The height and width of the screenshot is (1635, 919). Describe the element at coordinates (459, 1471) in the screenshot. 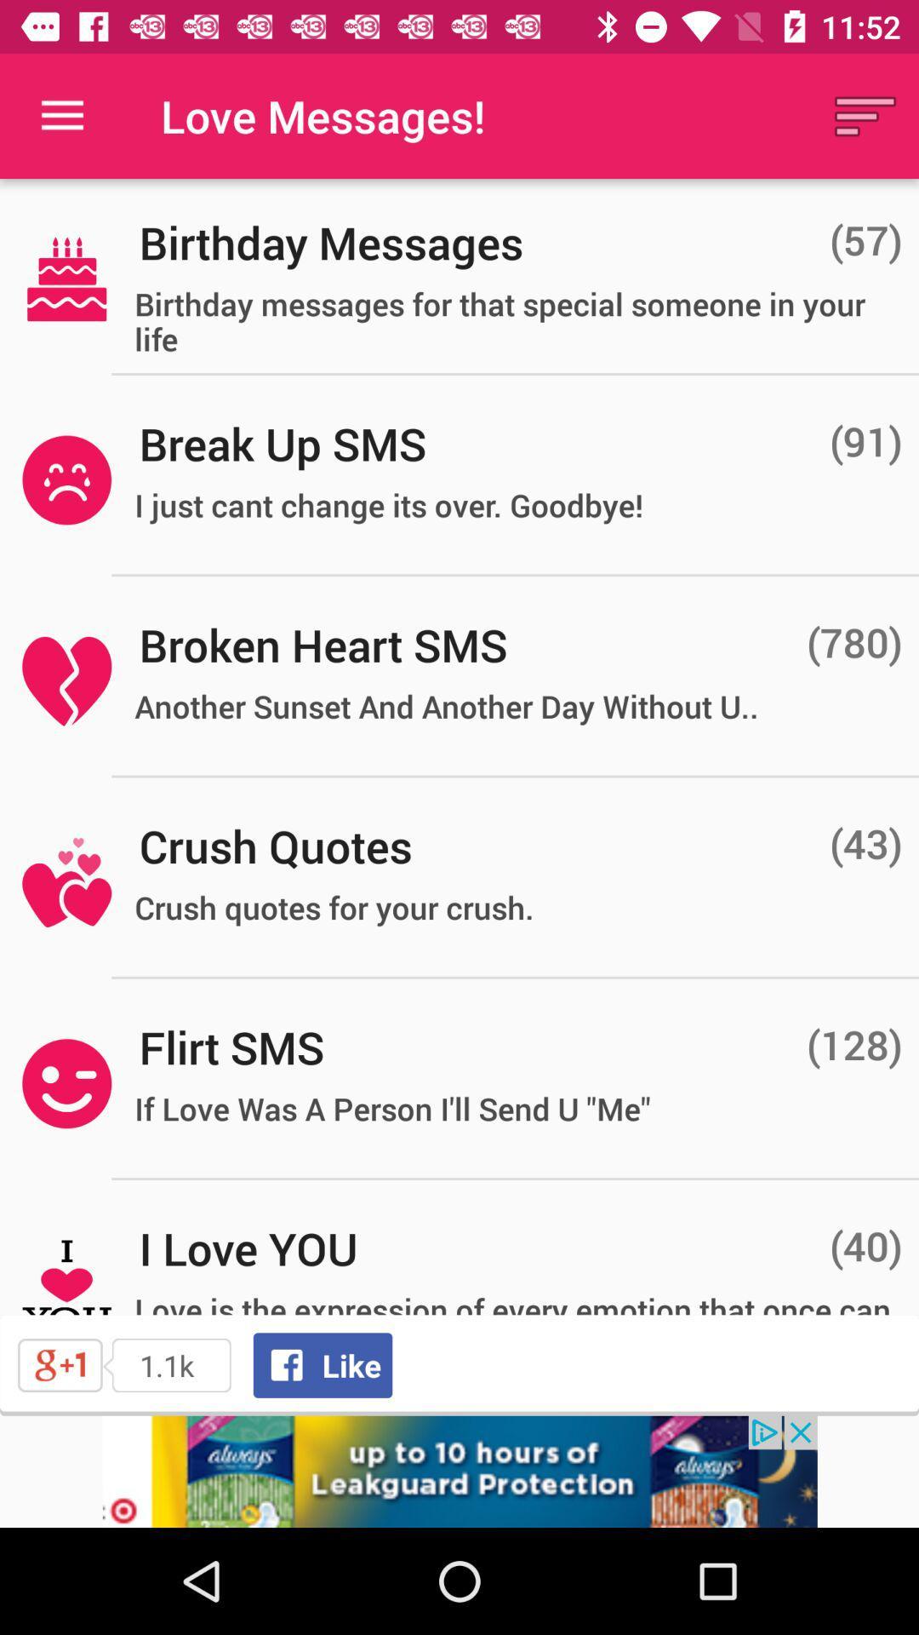

I see `open advertisement` at that location.